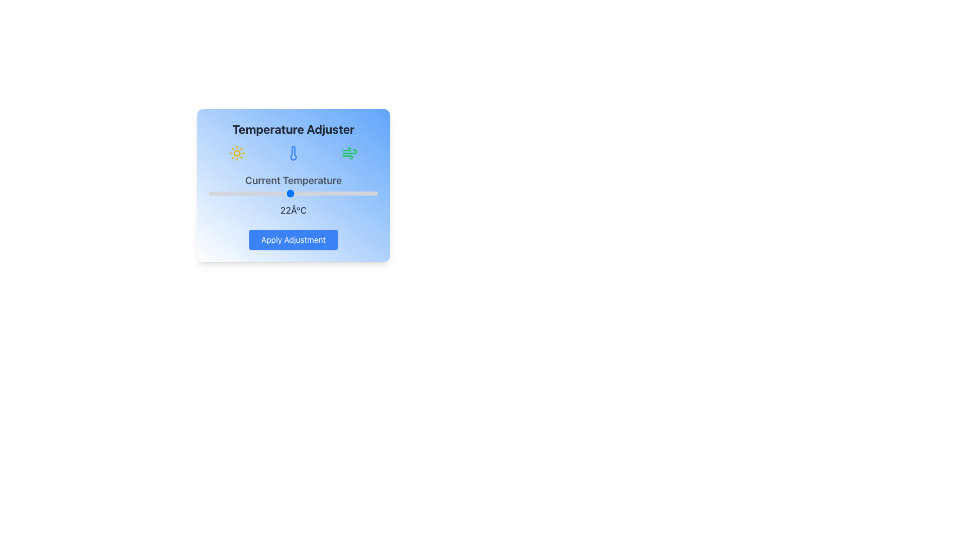  I want to click on the vertical bar of the thermometer icon in the temperature adjuster modal, which is styled with a blue base color and represents the temperature scale, so click(293, 153).